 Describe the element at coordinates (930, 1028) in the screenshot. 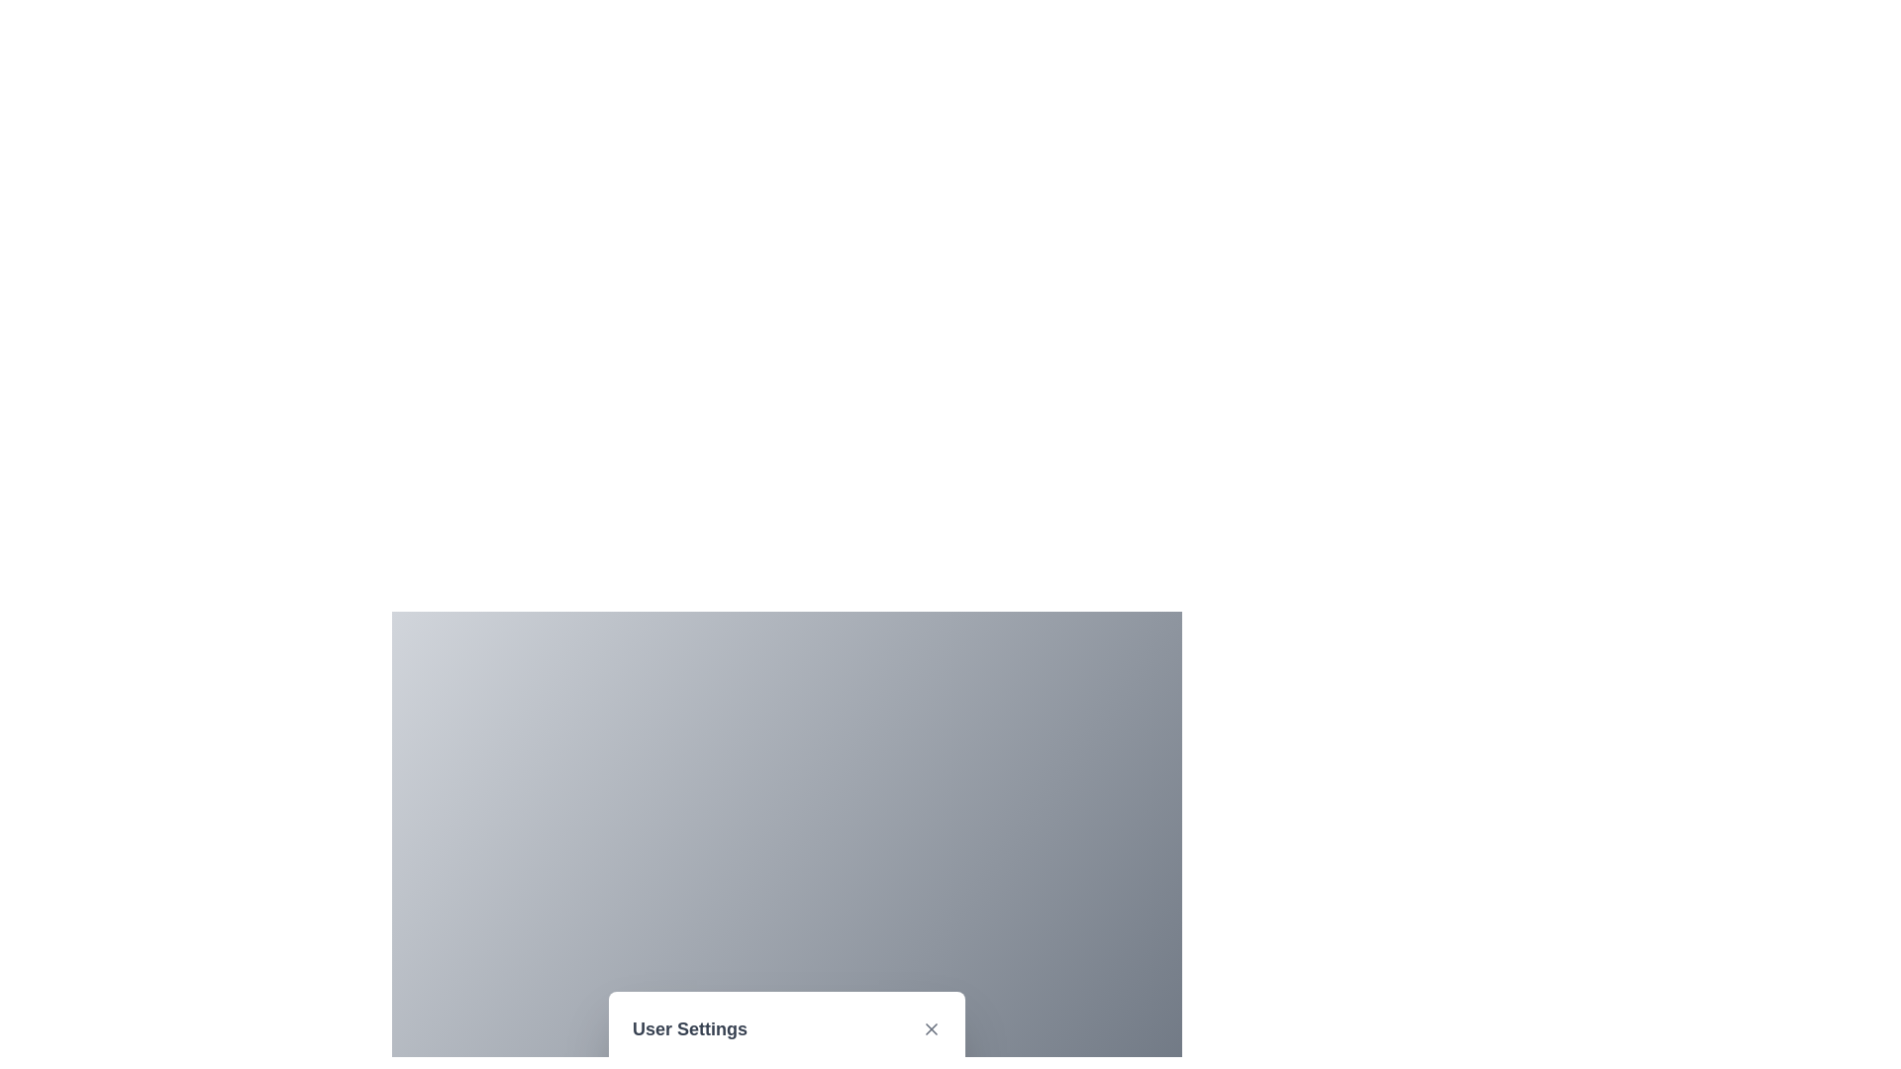

I see `the close button located in the top-right corner of the 'User Settings' section` at that location.